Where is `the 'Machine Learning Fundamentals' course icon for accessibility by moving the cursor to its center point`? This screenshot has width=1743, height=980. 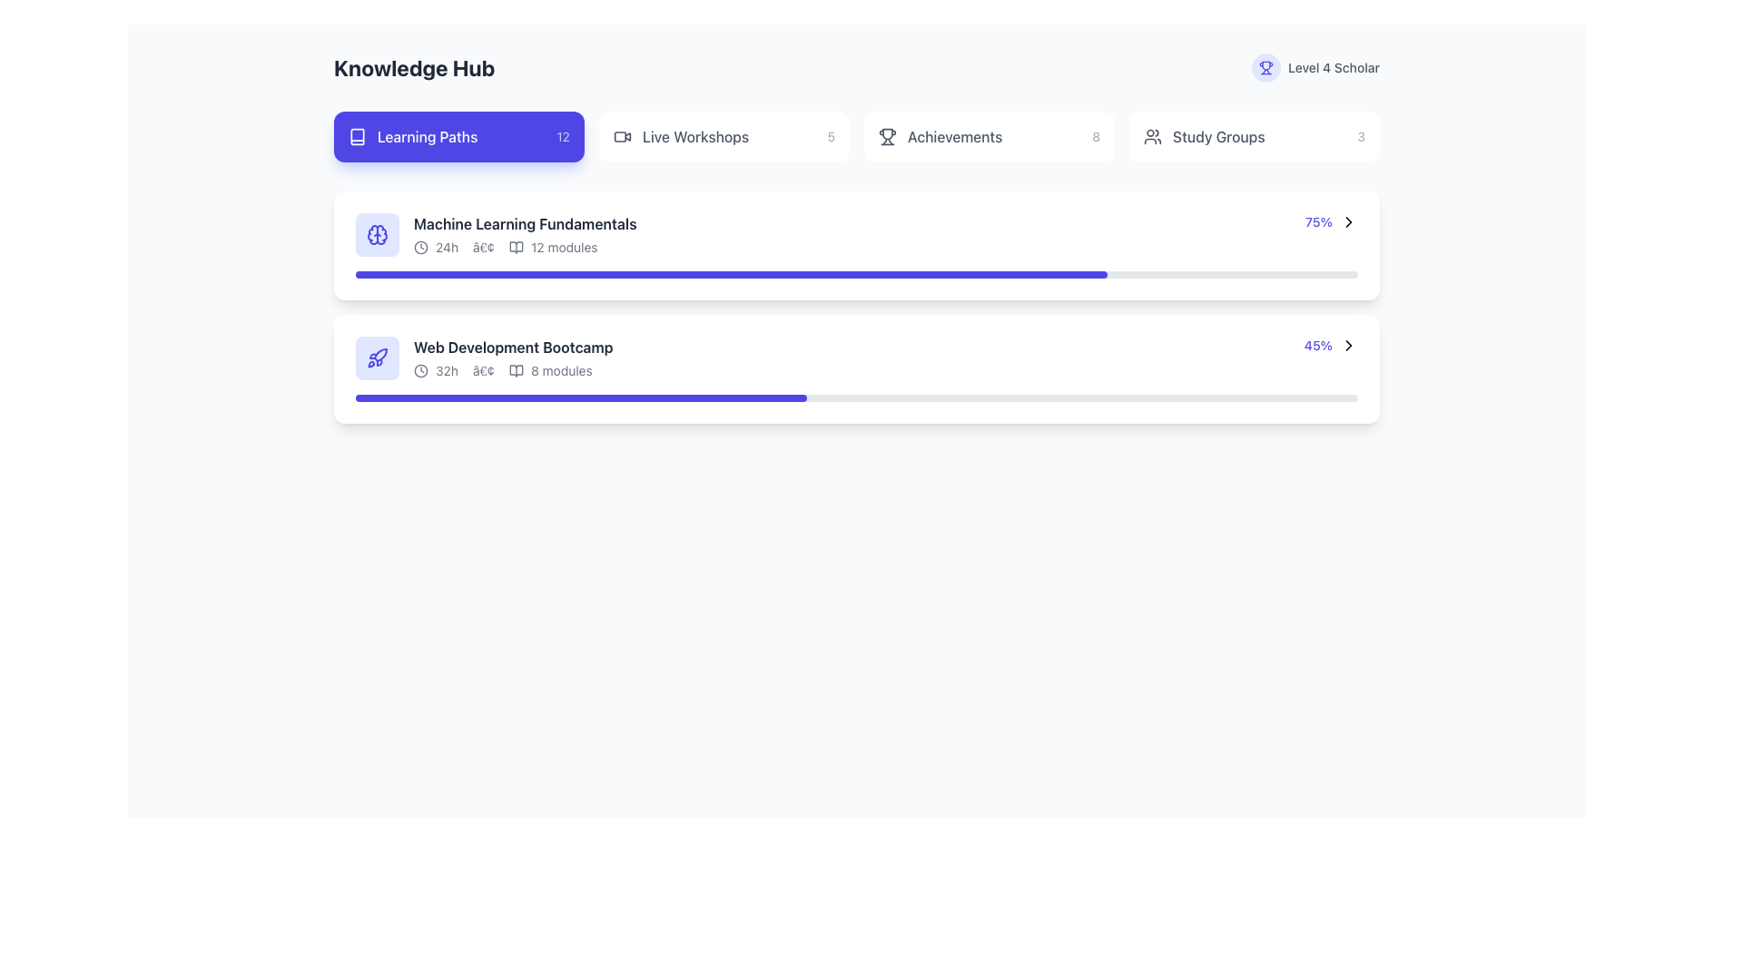 the 'Machine Learning Fundamentals' course icon for accessibility by moving the cursor to its center point is located at coordinates (377, 233).